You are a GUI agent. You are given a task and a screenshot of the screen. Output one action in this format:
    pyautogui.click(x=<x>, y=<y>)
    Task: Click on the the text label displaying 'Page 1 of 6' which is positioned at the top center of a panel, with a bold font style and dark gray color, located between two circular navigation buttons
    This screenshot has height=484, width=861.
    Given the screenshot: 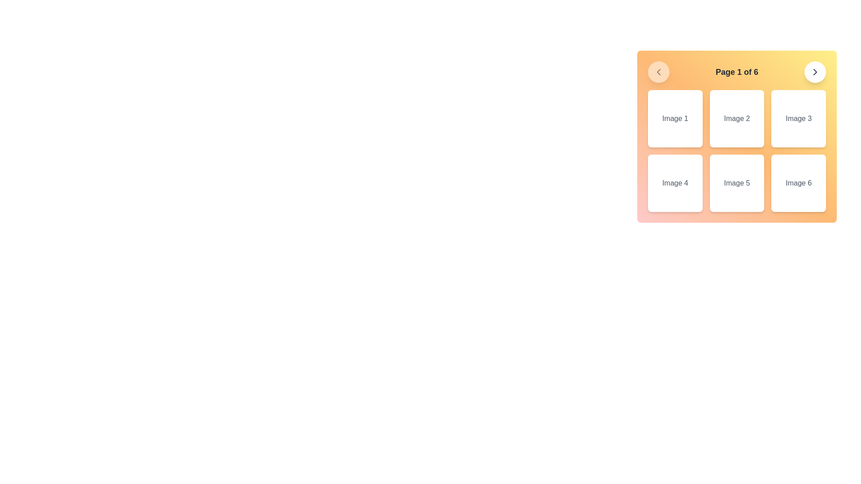 What is the action you would take?
    pyautogui.click(x=737, y=72)
    